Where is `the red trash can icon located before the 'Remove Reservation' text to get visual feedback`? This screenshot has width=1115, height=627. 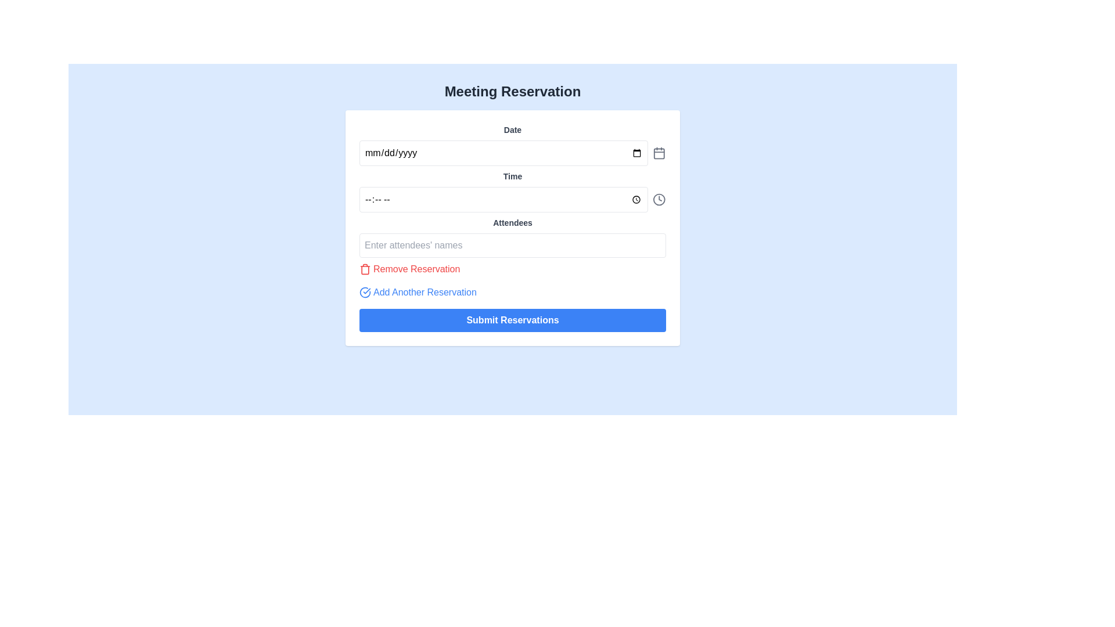
the red trash can icon located before the 'Remove Reservation' text to get visual feedback is located at coordinates (364, 269).